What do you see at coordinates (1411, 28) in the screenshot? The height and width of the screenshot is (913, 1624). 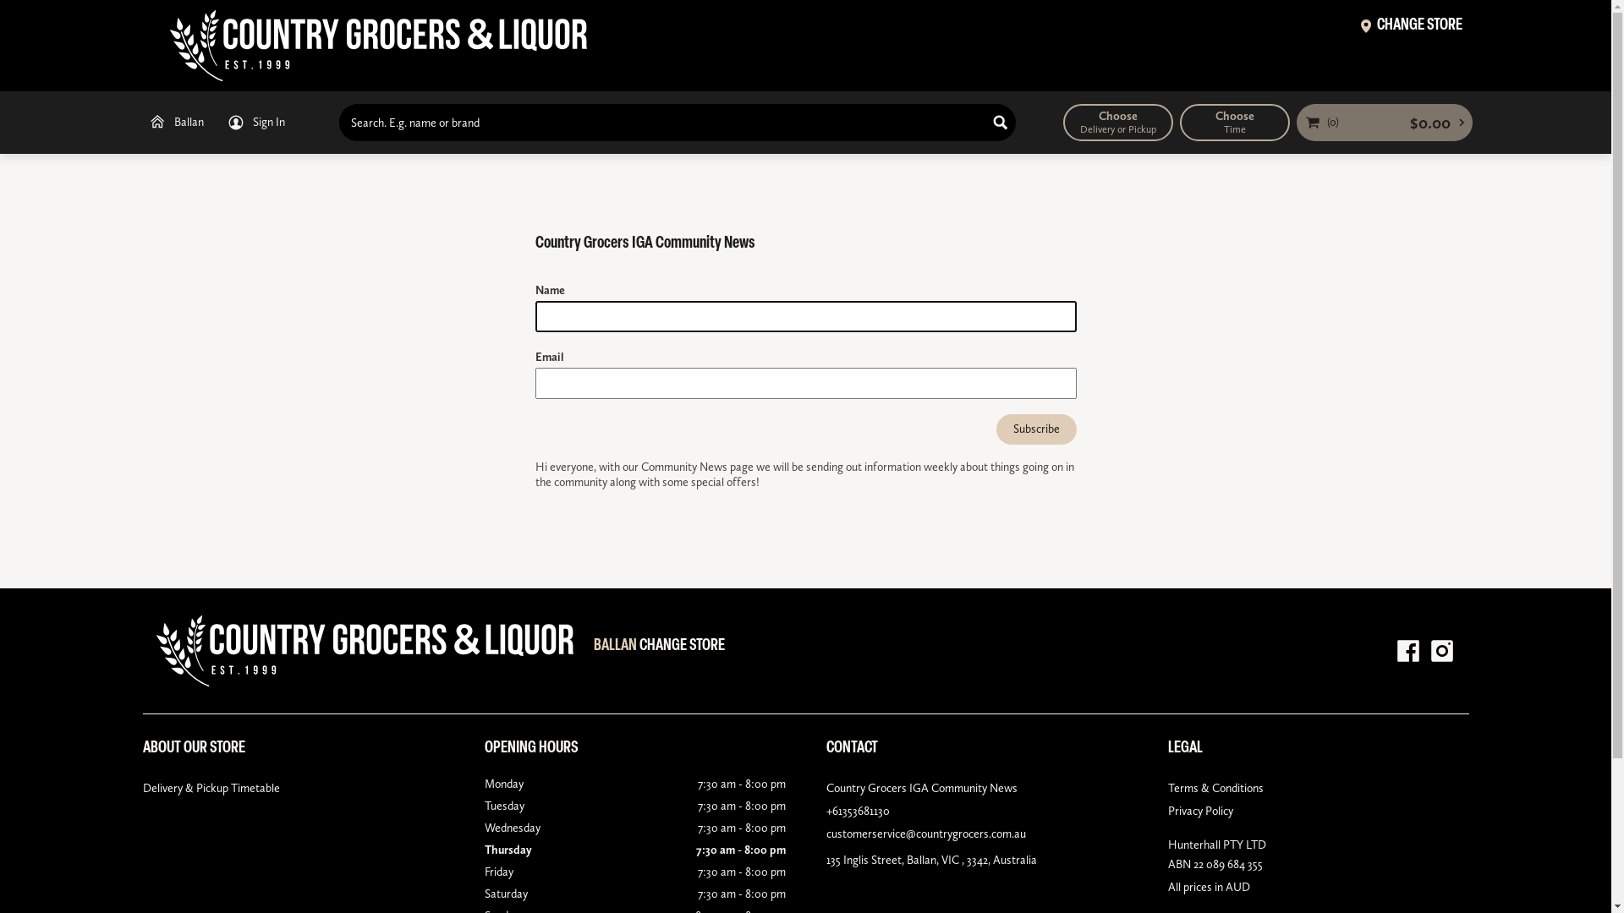 I see `'CHANGE STORE'` at bounding box center [1411, 28].